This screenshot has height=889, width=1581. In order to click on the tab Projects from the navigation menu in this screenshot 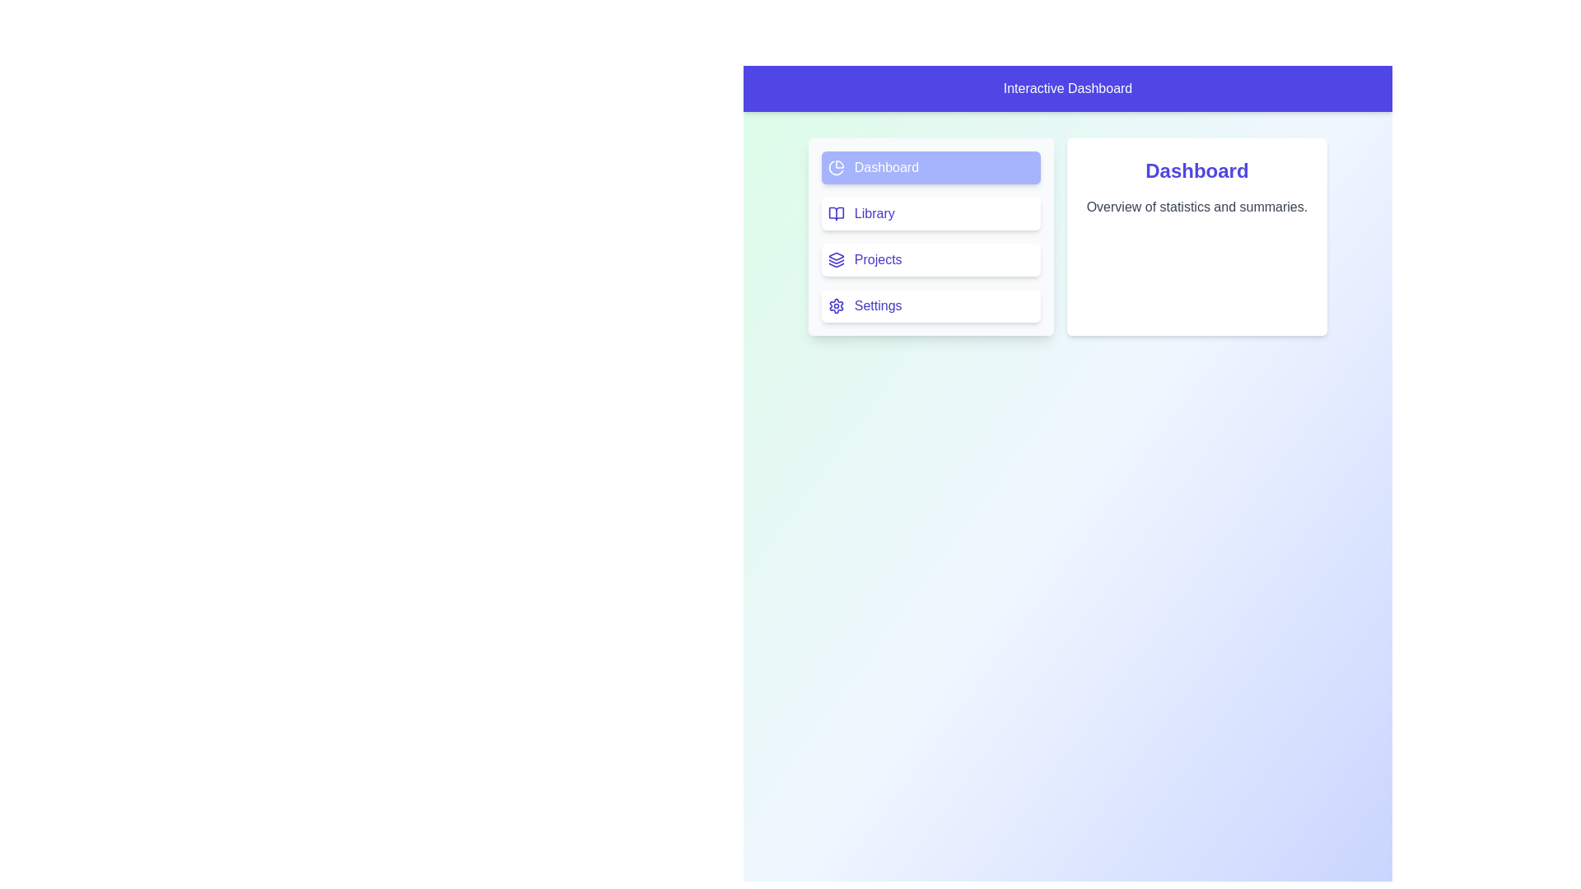, I will do `click(930, 259)`.